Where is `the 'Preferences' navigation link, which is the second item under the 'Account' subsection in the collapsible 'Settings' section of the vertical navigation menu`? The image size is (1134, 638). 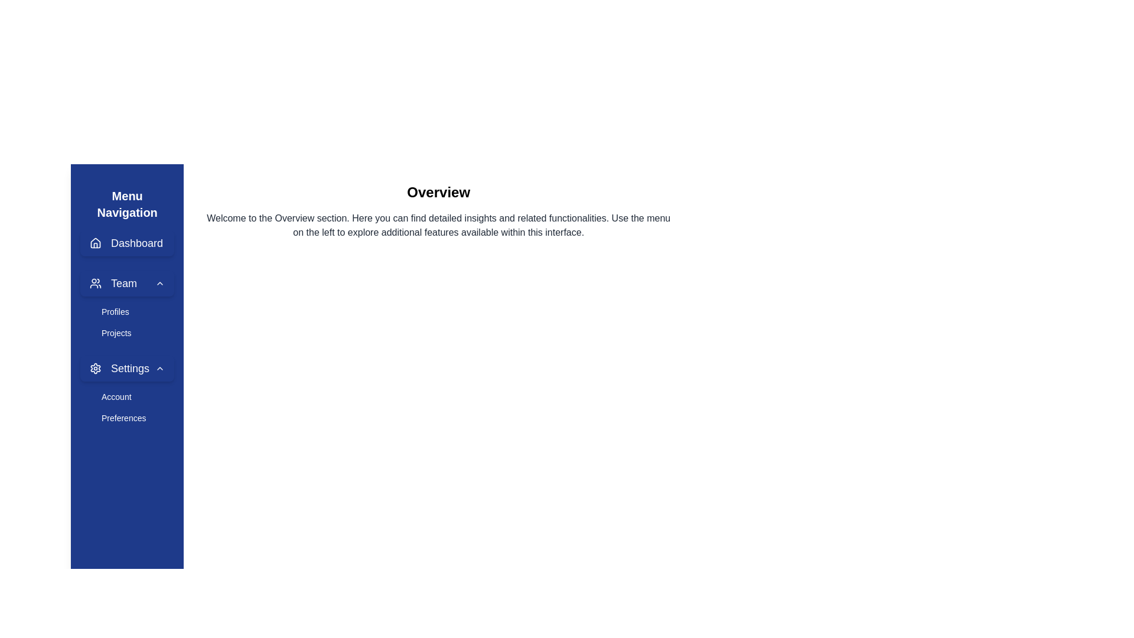 the 'Preferences' navigation link, which is the second item under the 'Account' subsection in the collapsible 'Settings' section of the vertical navigation menu is located at coordinates (134, 418).